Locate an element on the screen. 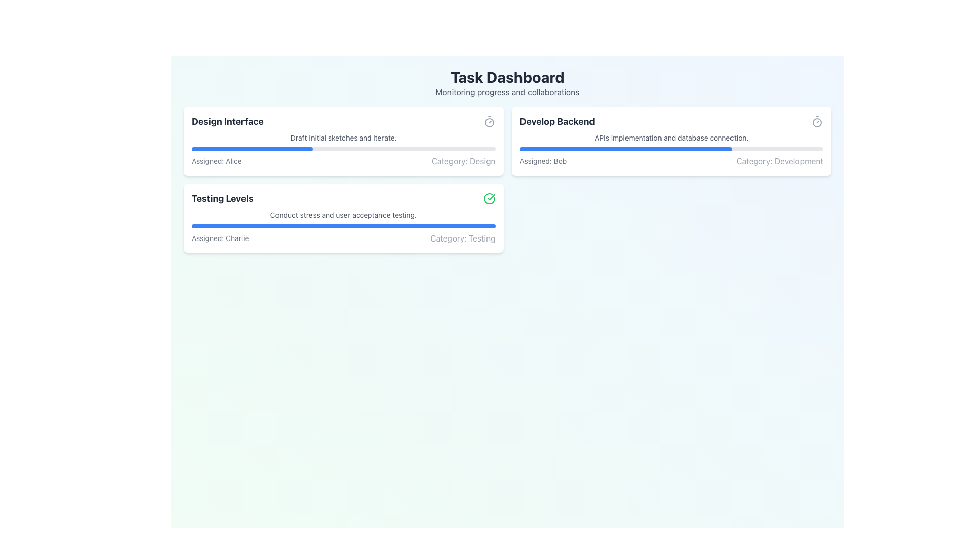  the timer icon located in the top-right corner of the 'Develop Backend' task card, which indicates timing-related functionality is located at coordinates (817, 121).